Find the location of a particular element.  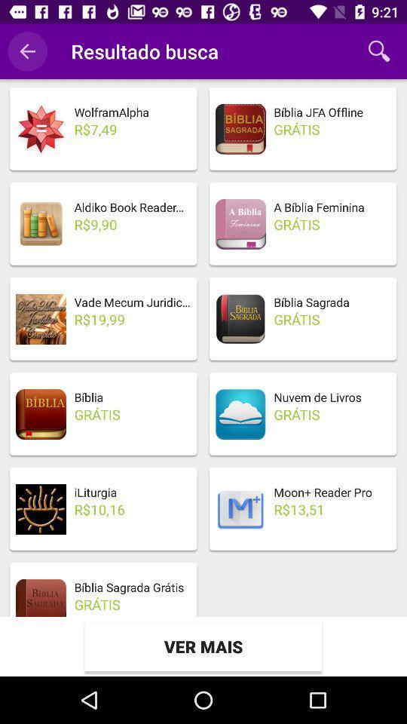

the item to the right of resultado busca icon is located at coordinates (378, 51).